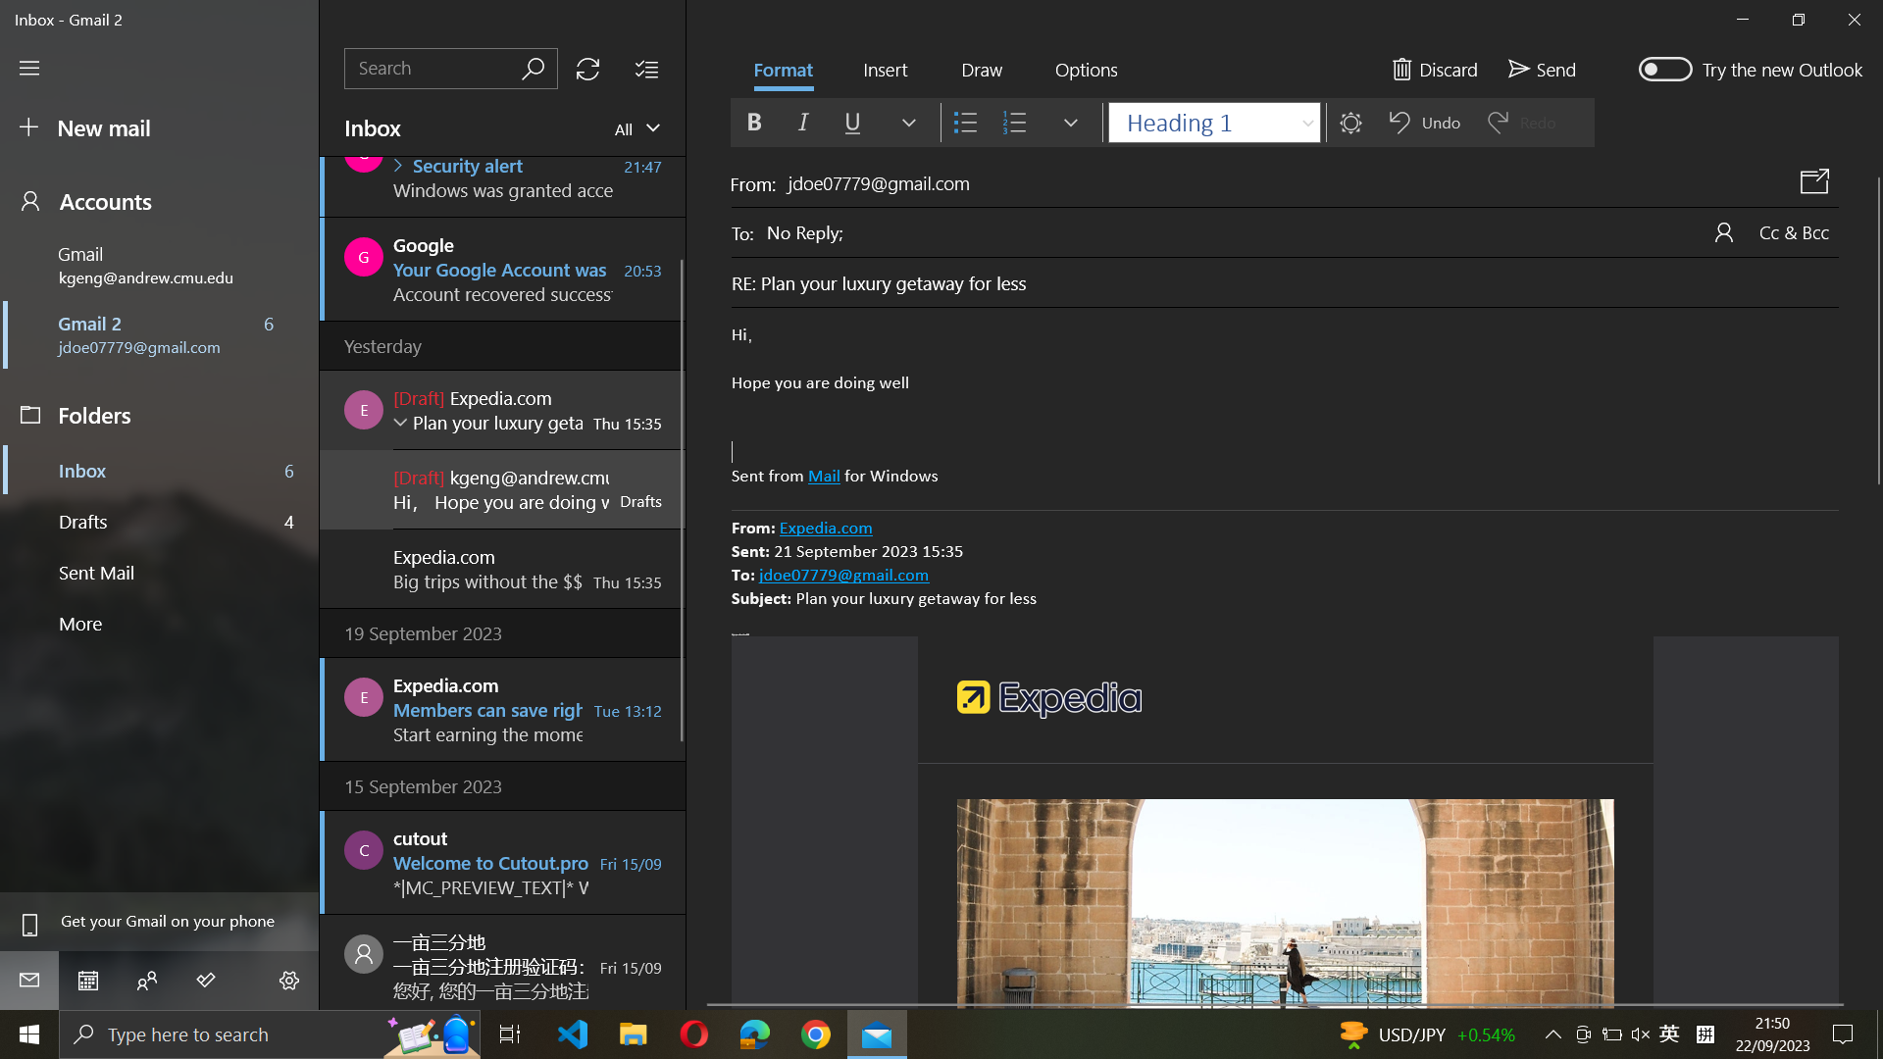 Image resolution: width=1883 pixels, height=1059 pixels. Describe the element at coordinates (1211, 121) in the screenshot. I see `Switch to Arial font style` at that location.